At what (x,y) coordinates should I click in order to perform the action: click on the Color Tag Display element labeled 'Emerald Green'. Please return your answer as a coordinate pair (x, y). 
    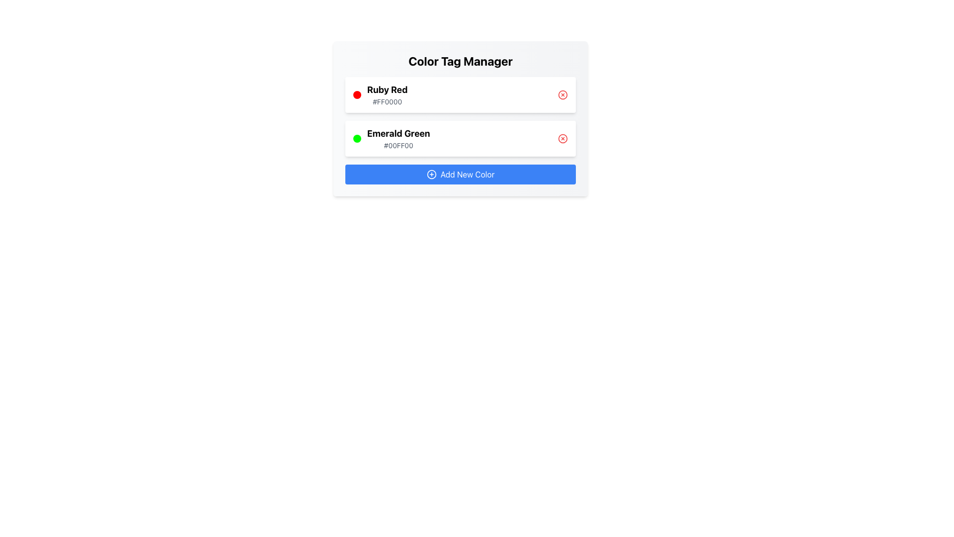
    Looking at the image, I should click on (391, 138).